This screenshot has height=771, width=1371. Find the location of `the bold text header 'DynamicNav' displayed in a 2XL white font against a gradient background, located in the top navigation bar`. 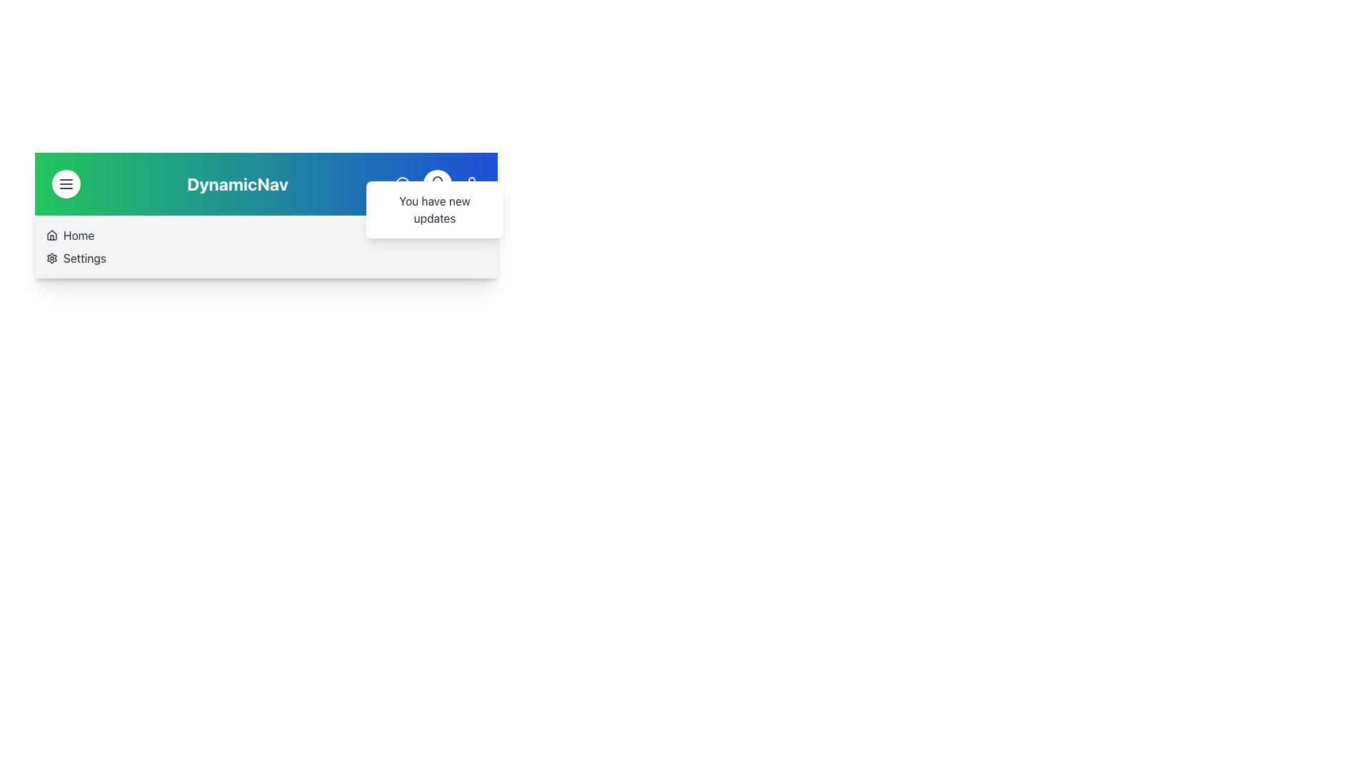

the bold text header 'DynamicNav' displayed in a 2XL white font against a gradient background, located in the top navigation bar is located at coordinates (237, 183).